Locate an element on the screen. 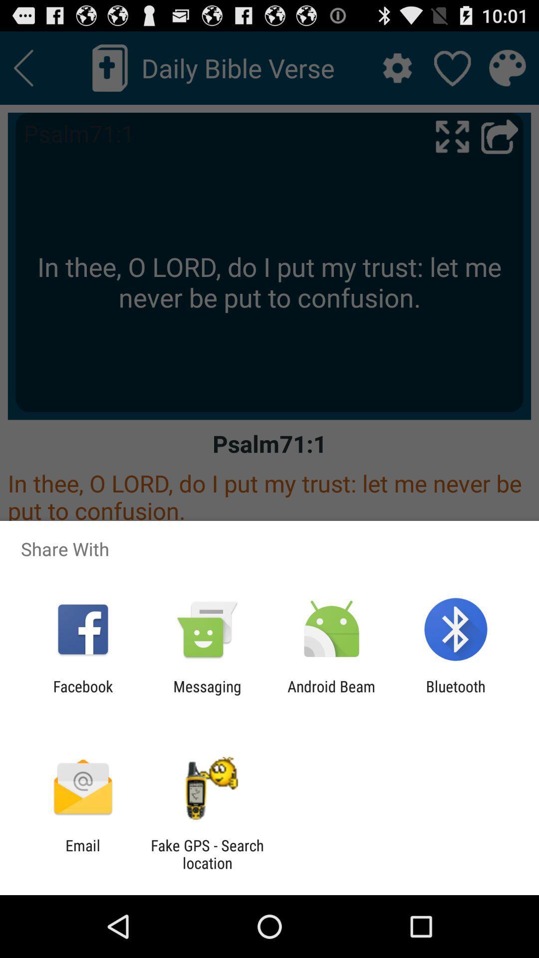 Image resolution: width=539 pixels, height=958 pixels. app next to the messaging icon is located at coordinates (82, 695).